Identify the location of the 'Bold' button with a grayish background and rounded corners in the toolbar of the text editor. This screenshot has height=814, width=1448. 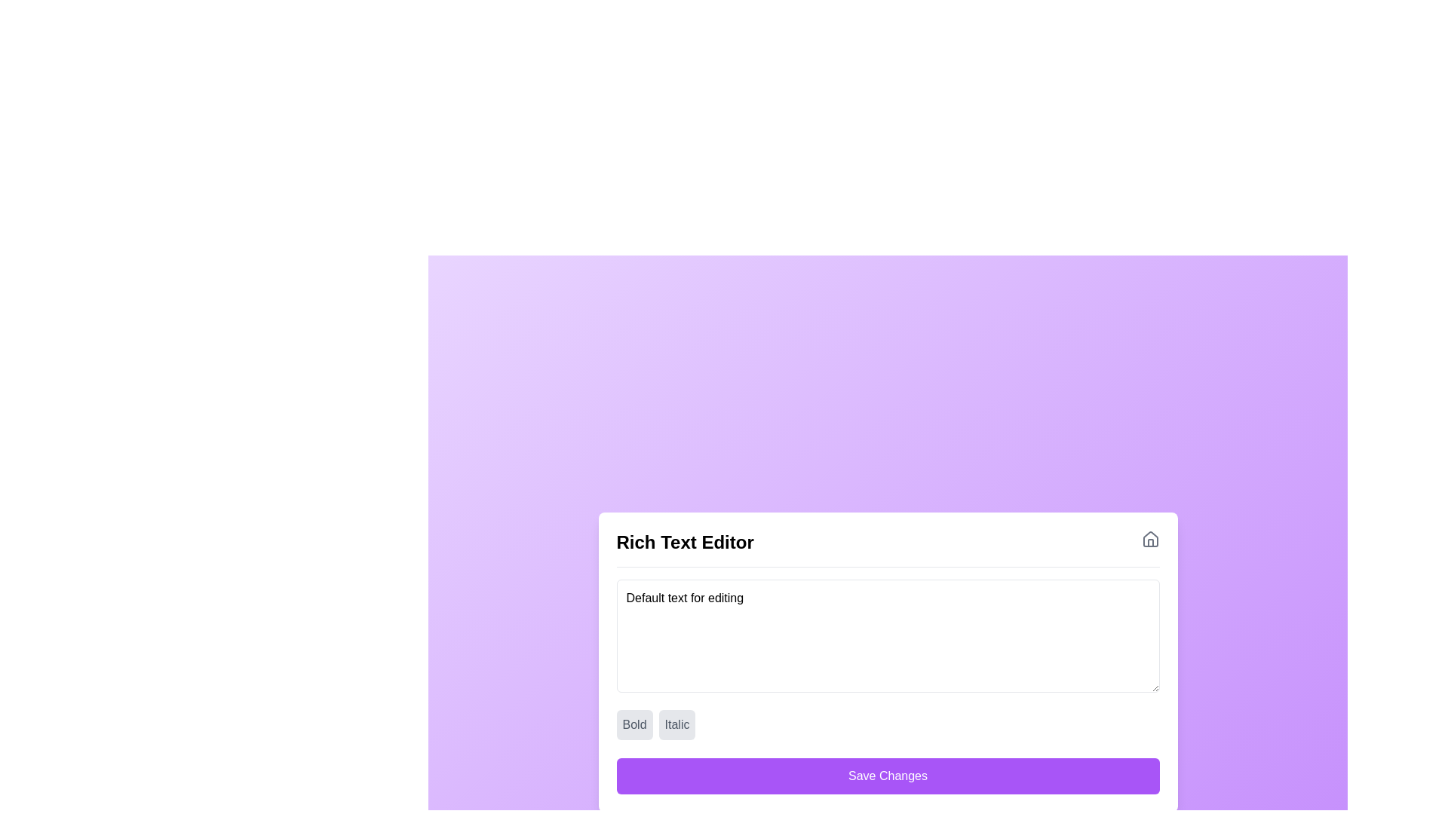
(634, 724).